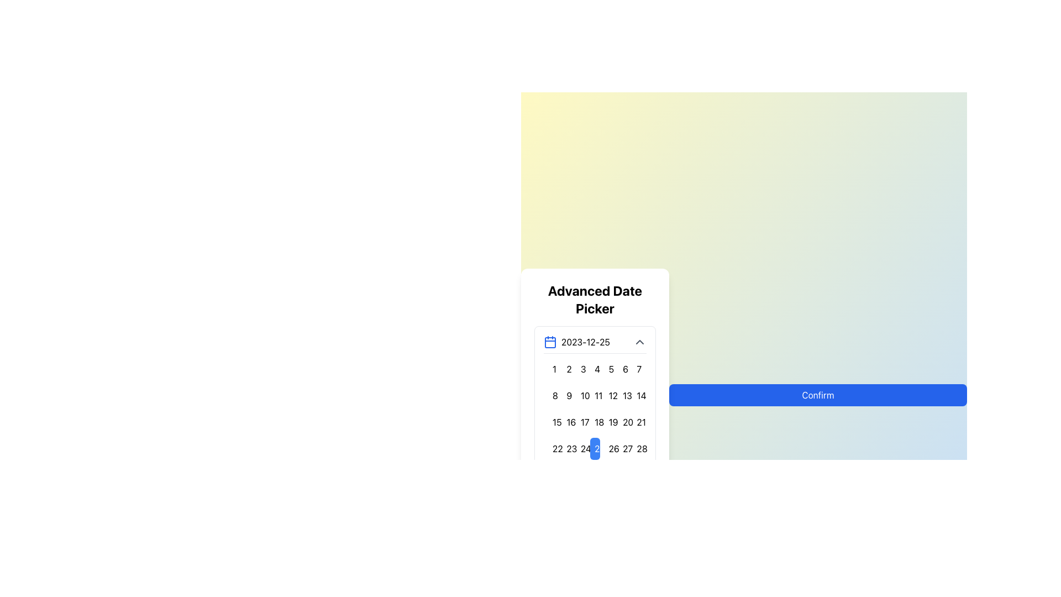  I want to click on the selection button for the 17th date in the date picker, so click(580, 422).